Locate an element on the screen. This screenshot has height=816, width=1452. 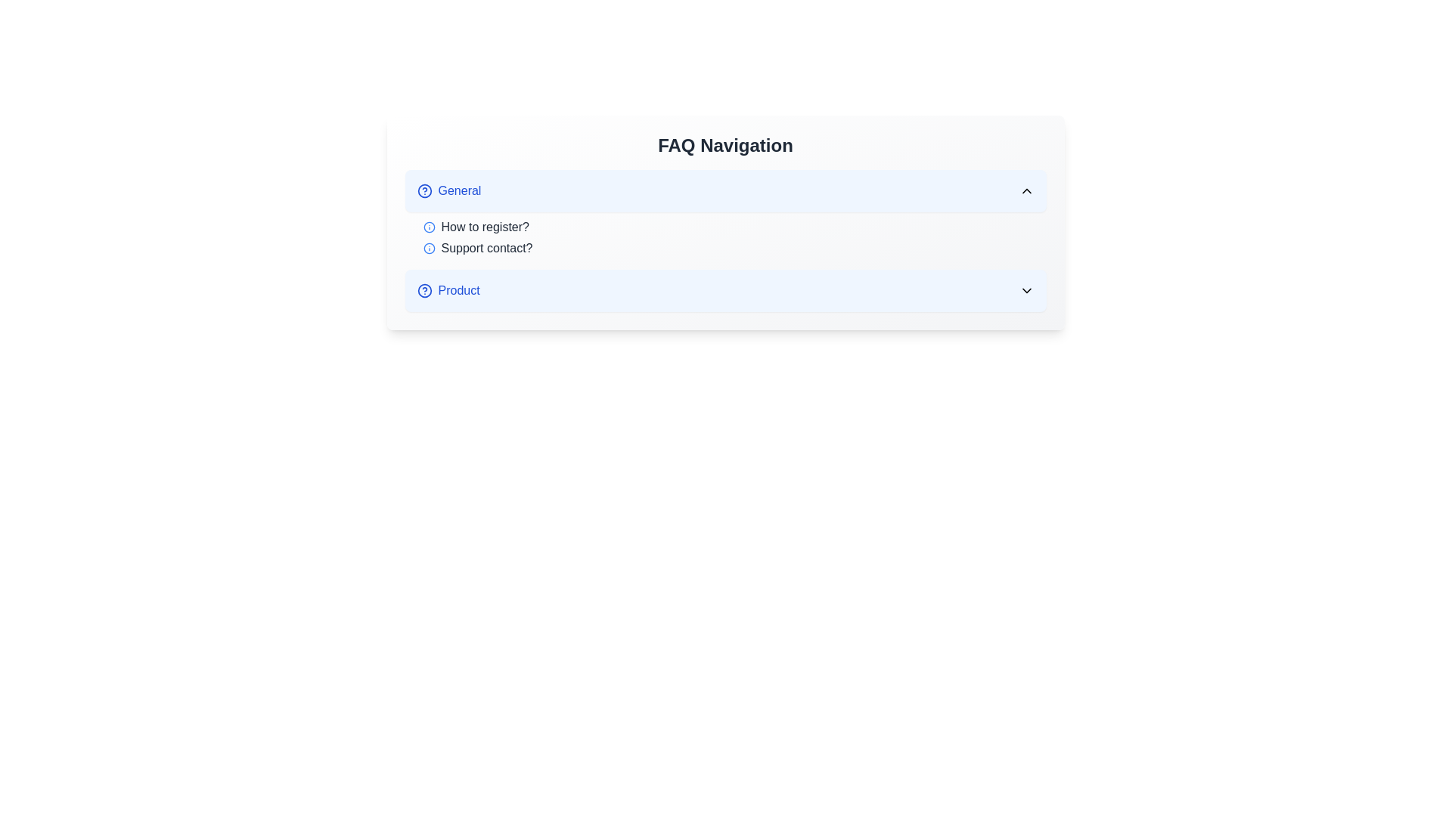
the informational icon located to the left of the 'Support contact?' text in the FAQ section titled 'General' is located at coordinates (428, 247).